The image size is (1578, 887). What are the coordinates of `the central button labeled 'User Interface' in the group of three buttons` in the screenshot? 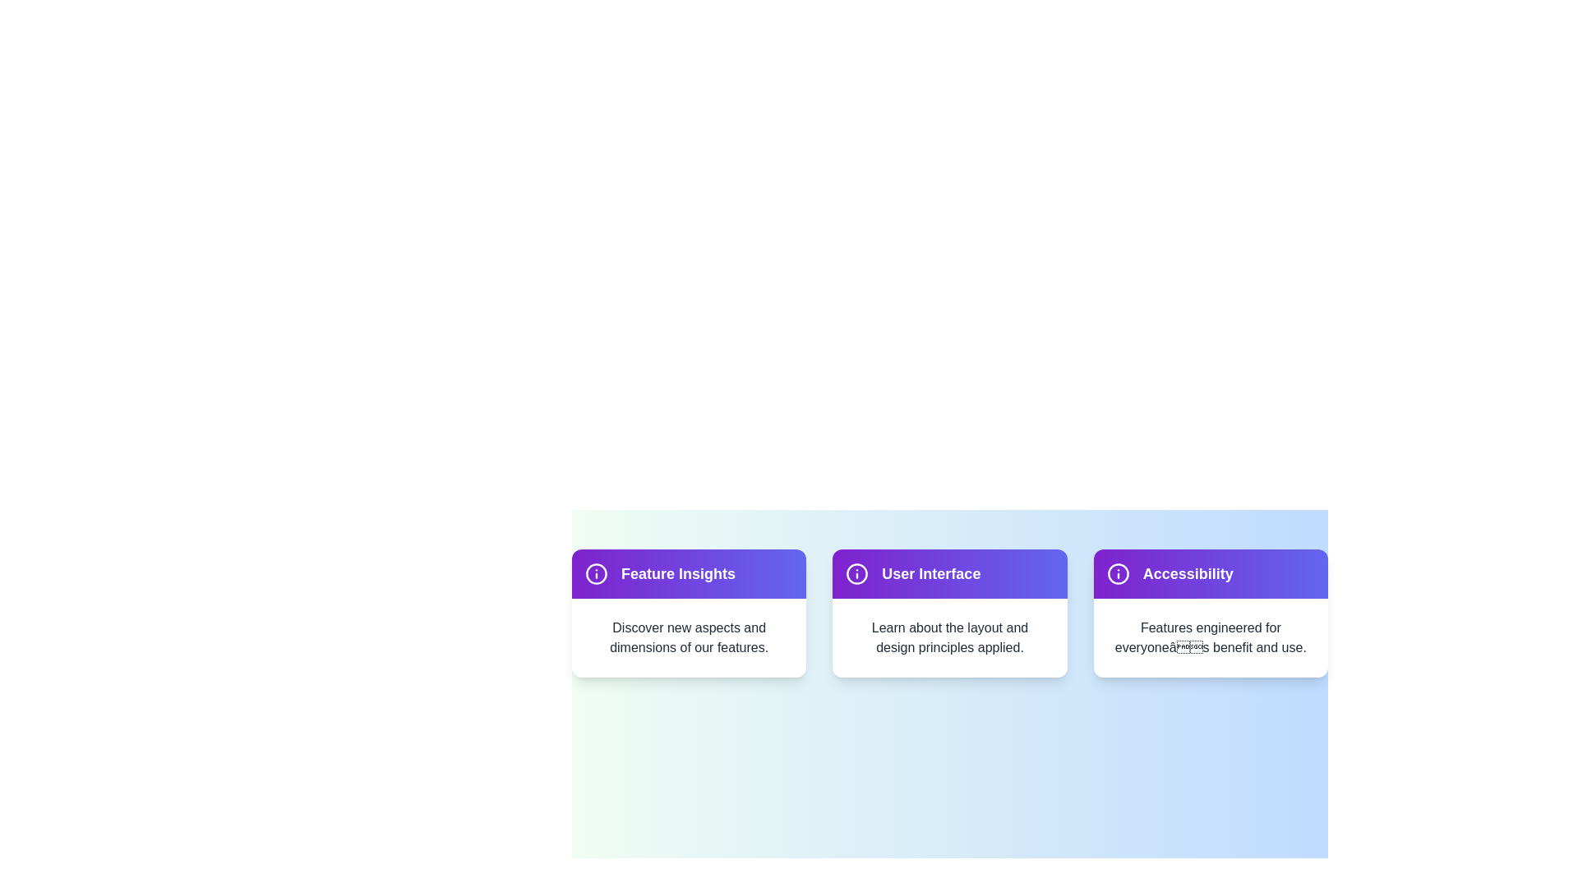 It's located at (950, 572).